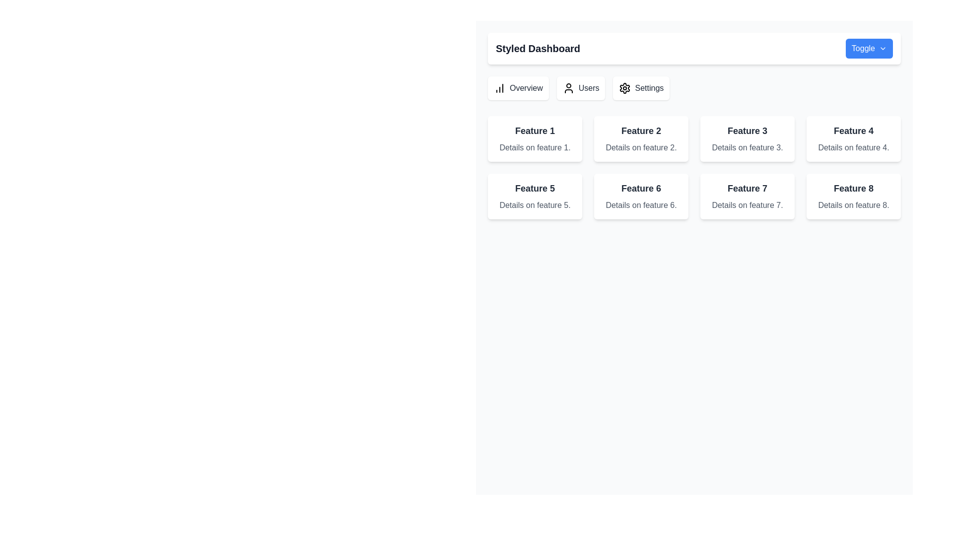 The width and height of the screenshot is (953, 536). I want to click on the Text label providing contextual information about 'Feature 7' located in the middle right region of the feature grid, so click(748, 204).